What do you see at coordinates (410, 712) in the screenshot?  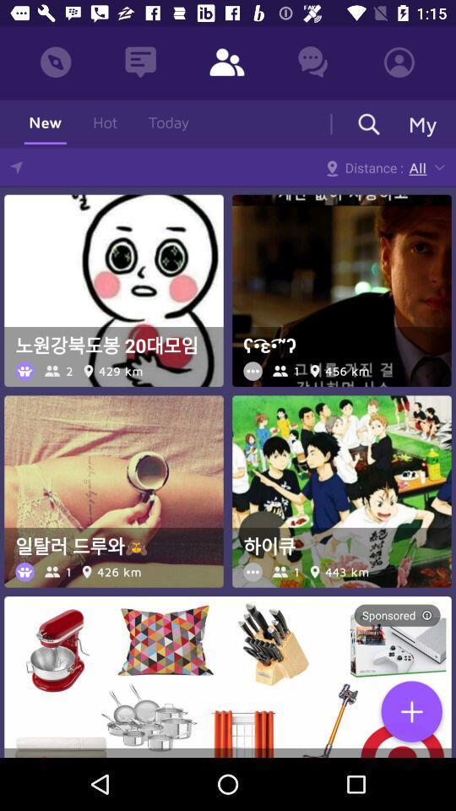 I see `the add icon` at bounding box center [410, 712].